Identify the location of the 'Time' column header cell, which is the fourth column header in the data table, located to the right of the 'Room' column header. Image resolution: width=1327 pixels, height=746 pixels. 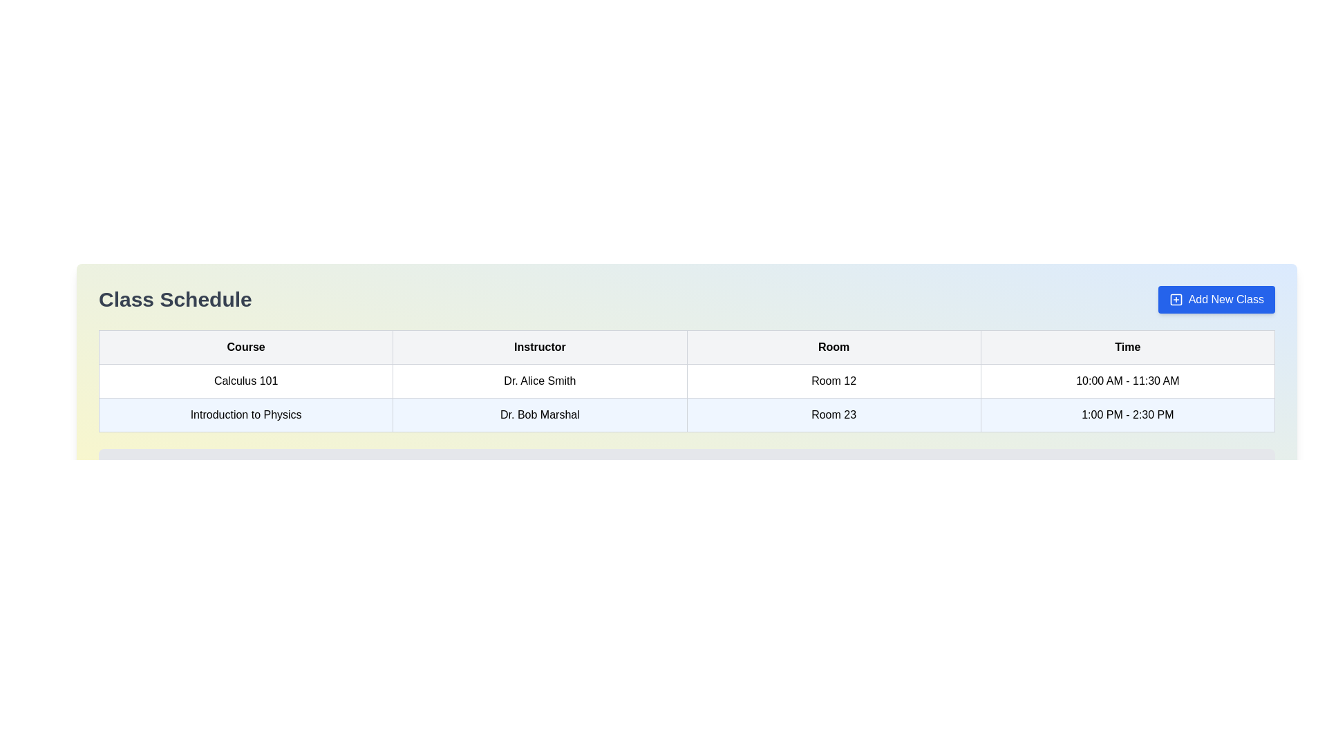
(1127, 346).